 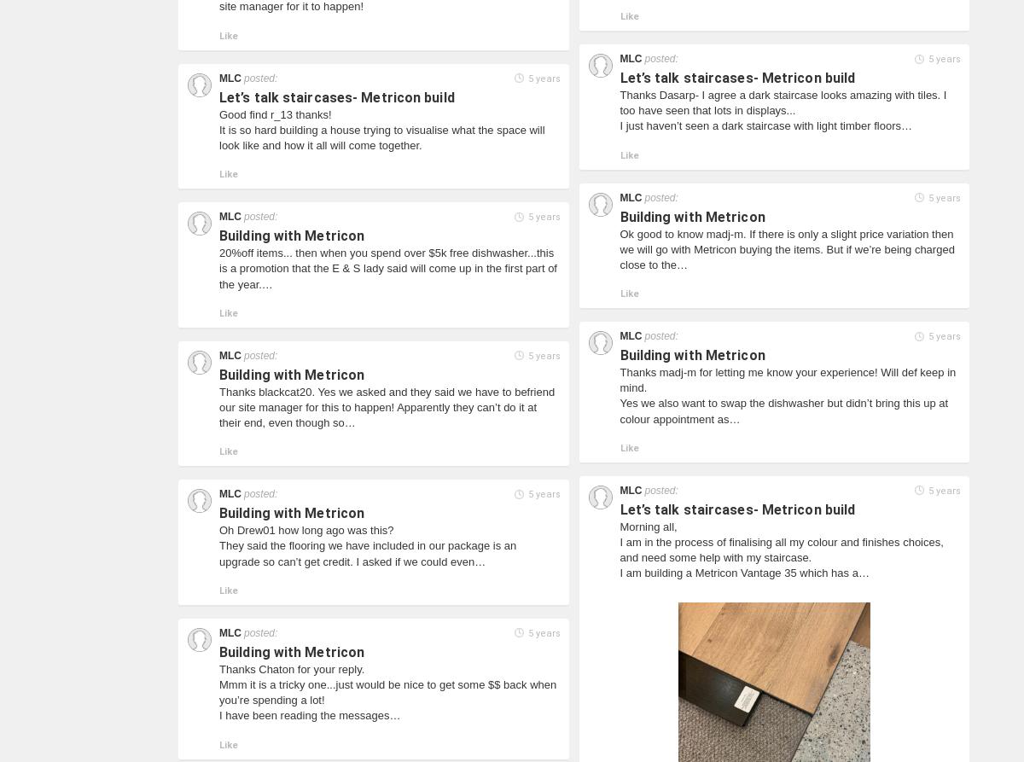 What do you see at coordinates (218, 136) in the screenshot?
I see `'It is so hard building a house trying to visualise what the space will look like and how it all will come together.'` at bounding box center [218, 136].